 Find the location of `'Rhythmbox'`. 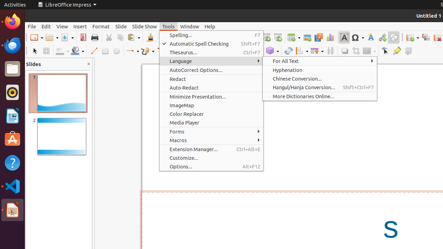

'Rhythmbox' is located at coordinates (12, 92).